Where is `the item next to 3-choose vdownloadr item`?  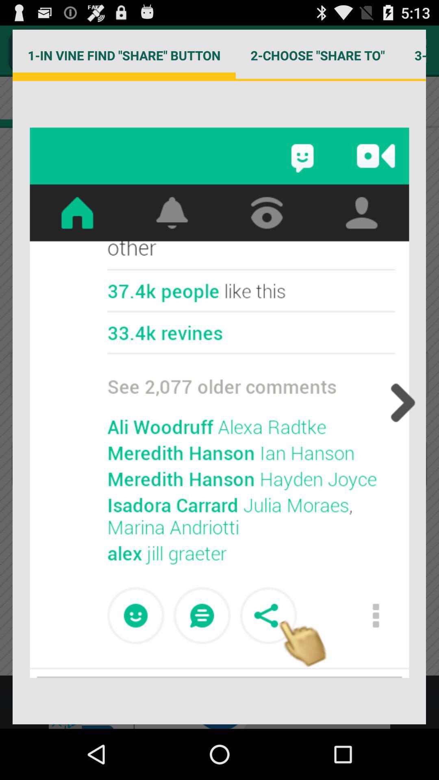
the item next to 3-choose vdownloadr item is located at coordinates (317, 55).